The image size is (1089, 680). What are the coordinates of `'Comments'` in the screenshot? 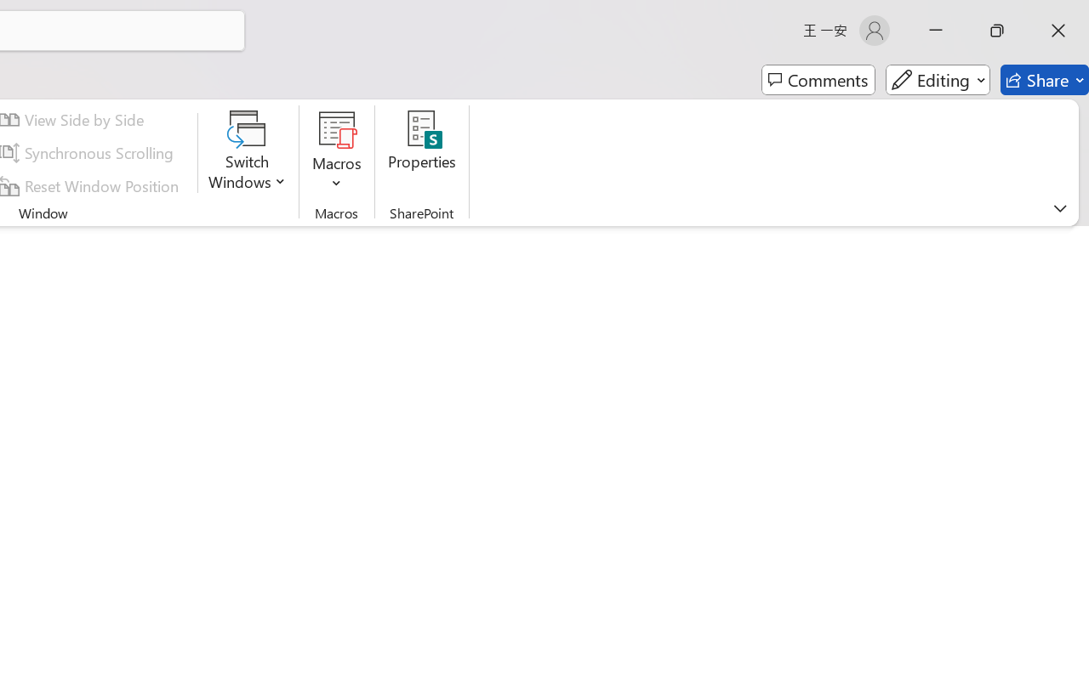 It's located at (818, 80).